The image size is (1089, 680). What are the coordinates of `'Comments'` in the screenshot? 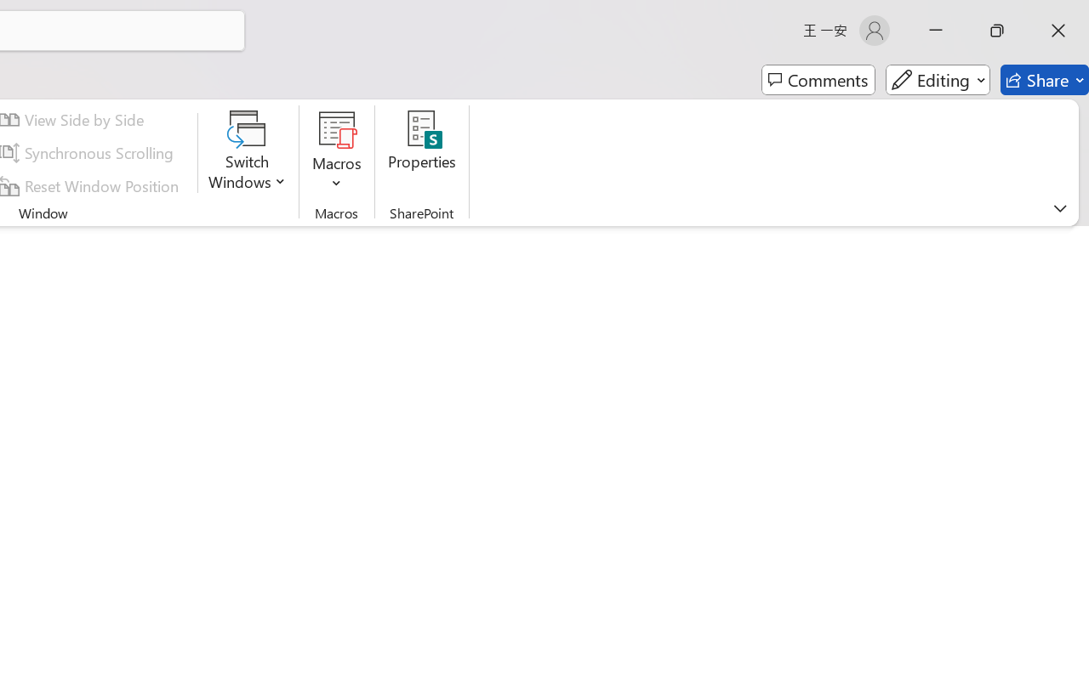 It's located at (818, 80).